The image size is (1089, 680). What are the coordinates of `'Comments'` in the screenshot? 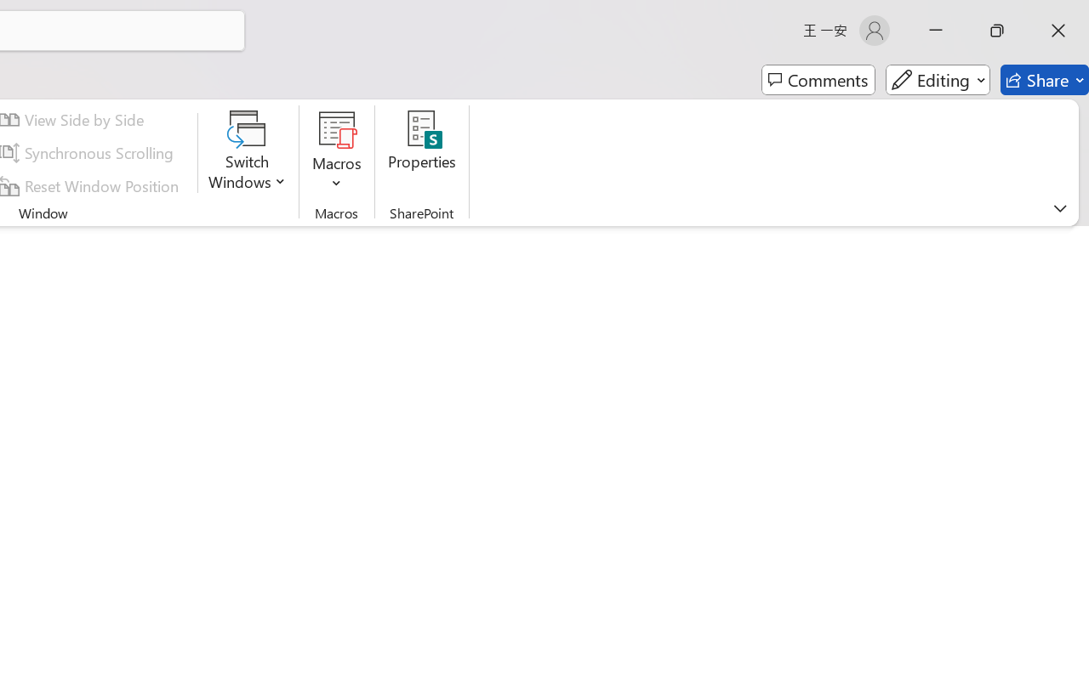 It's located at (818, 80).